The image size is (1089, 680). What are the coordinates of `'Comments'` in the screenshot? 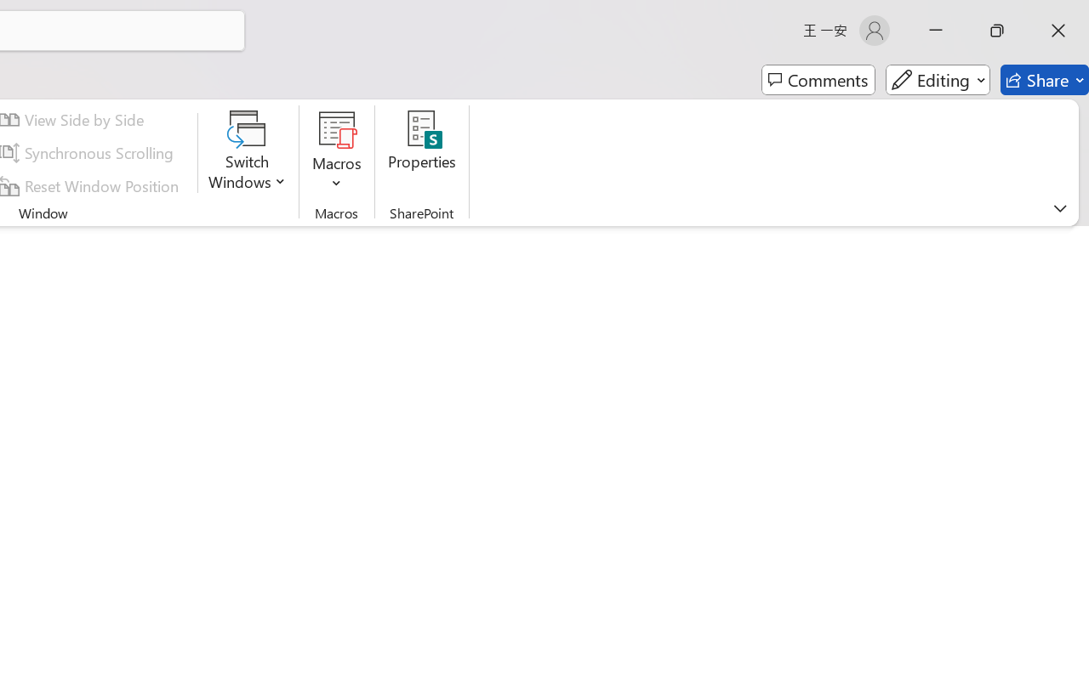 It's located at (818, 80).